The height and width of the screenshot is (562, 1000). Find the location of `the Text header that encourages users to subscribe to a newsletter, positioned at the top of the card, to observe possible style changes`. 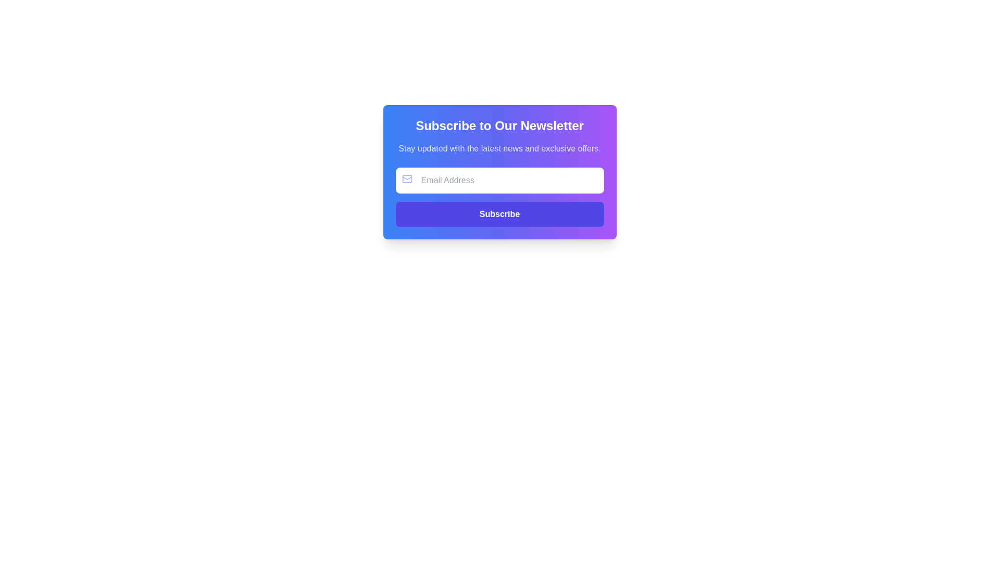

the Text header that encourages users to subscribe to a newsletter, positioned at the top of the card, to observe possible style changes is located at coordinates (499, 125).